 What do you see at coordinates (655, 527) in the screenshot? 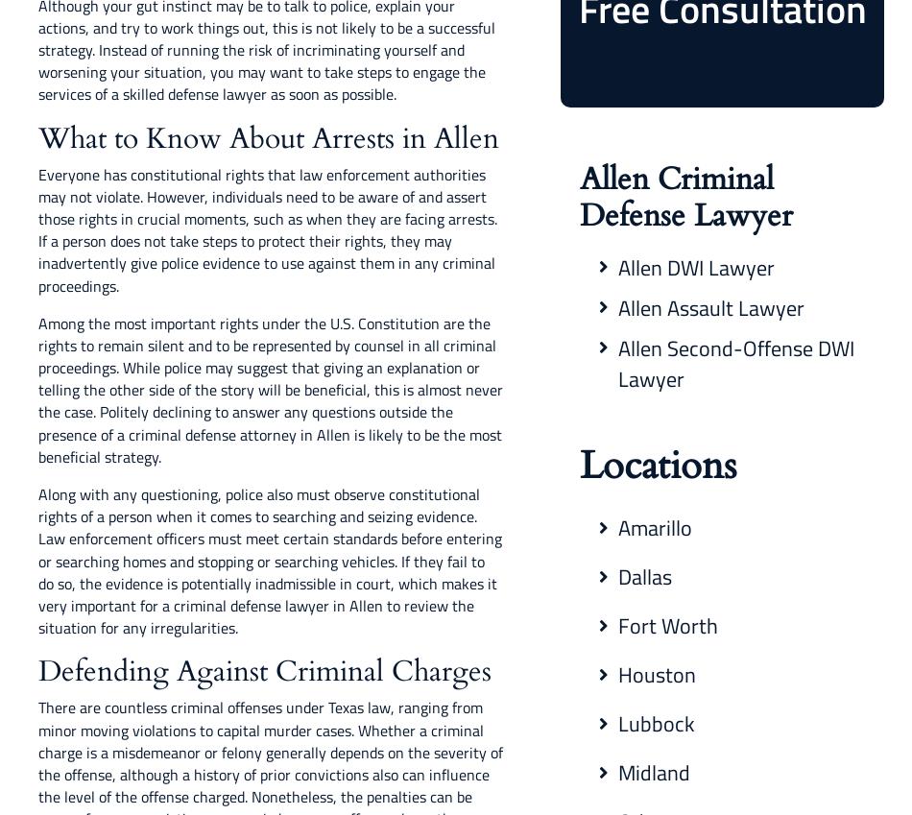
I see `'Amarillo'` at bounding box center [655, 527].